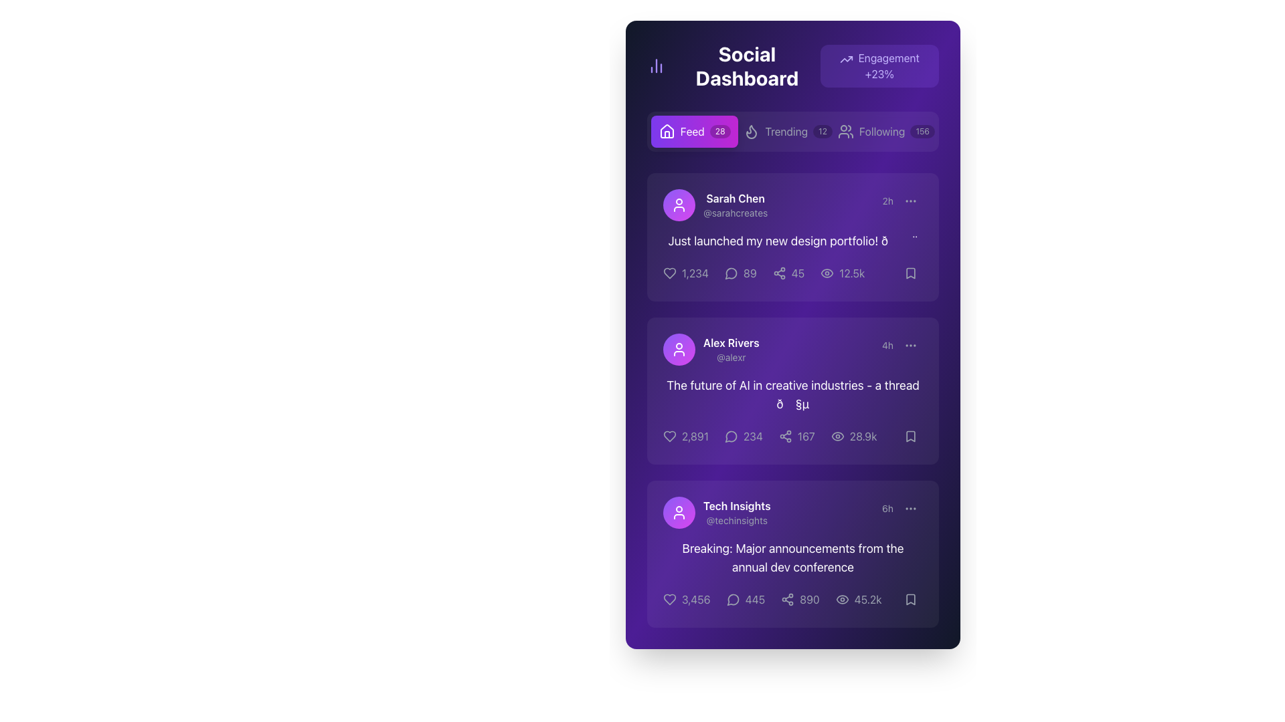 The height and width of the screenshot is (722, 1285). I want to click on the small purple bookmark icon located in the bottom-right section of the post card titled 'Alex Rivers' to bookmark the post, so click(910, 436).